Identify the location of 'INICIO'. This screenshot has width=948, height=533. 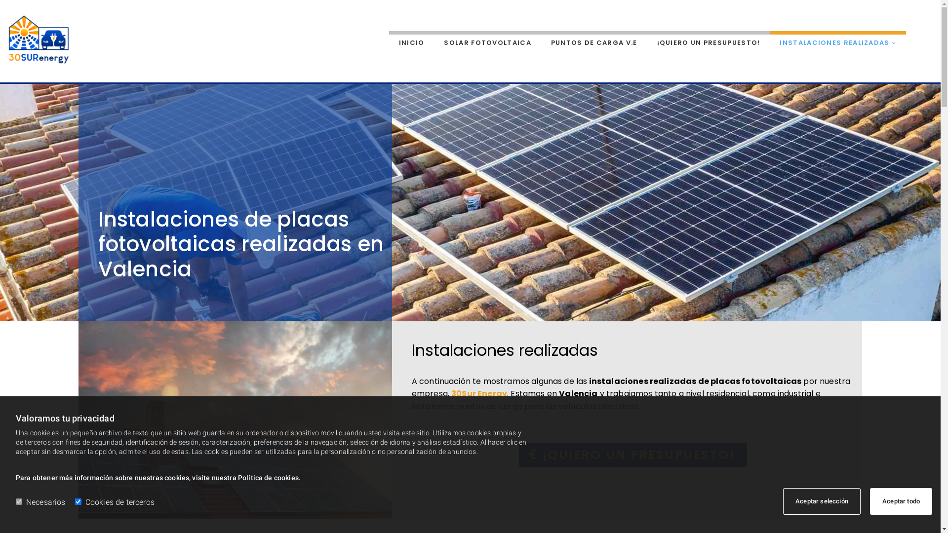
(388, 40).